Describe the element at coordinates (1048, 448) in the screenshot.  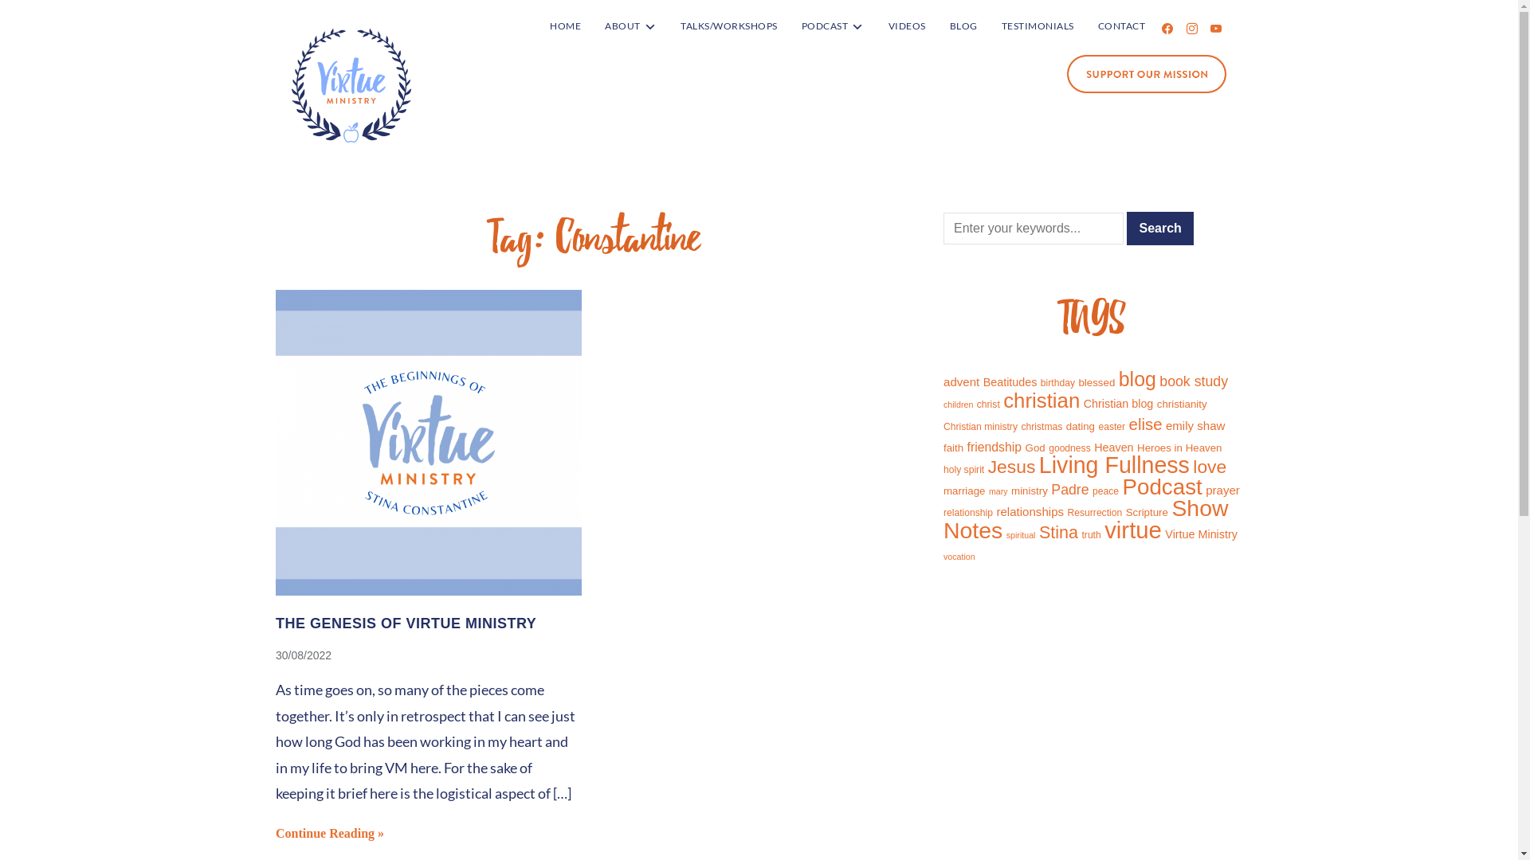
I see `'goodness'` at that location.